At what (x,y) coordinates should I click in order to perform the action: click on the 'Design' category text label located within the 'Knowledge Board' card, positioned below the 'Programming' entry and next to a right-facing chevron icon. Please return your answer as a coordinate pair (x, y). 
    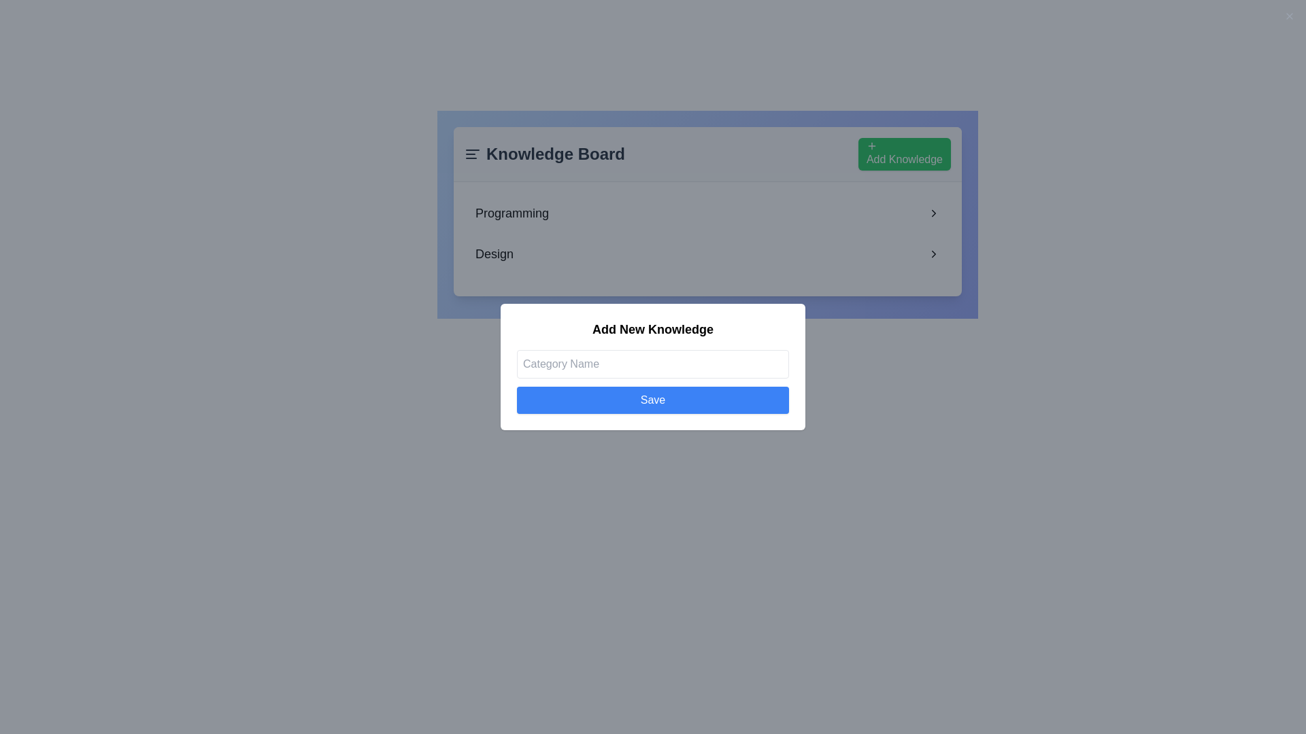
    Looking at the image, I should click on (494, 254).